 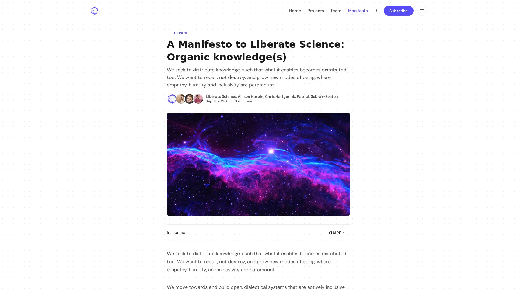 What do you see at coordinates (421, 11) in the screenshot?
I see `Menu` at bounding box center [421, 11].